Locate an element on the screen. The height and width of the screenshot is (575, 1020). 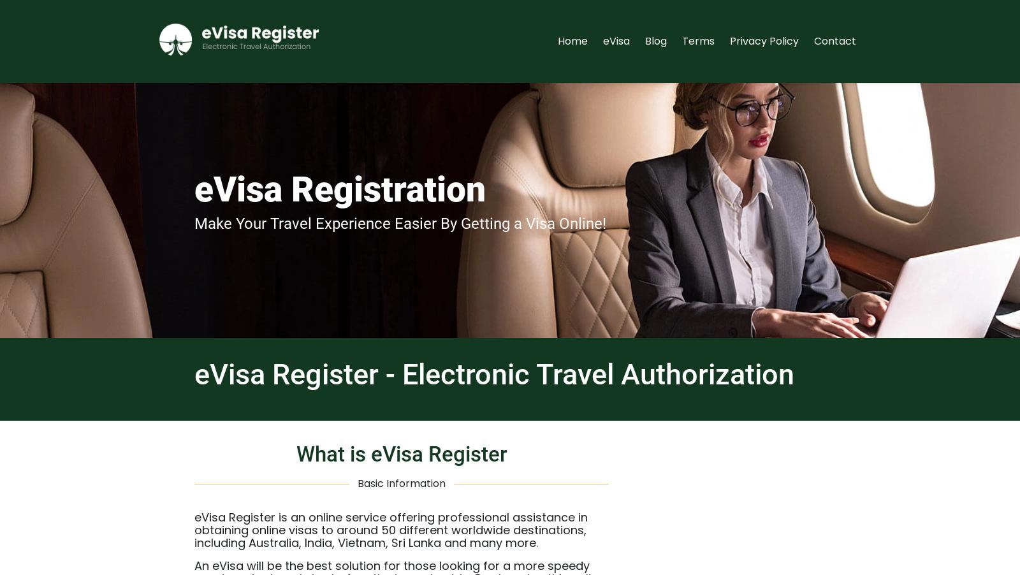
'What is eVisa Register' is located at coordinates (401, 453).